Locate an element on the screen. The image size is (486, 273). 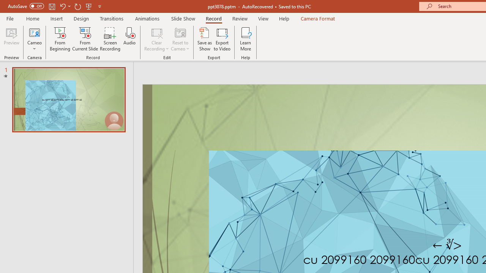
'Learn More' is located at coordinates (246, 39).